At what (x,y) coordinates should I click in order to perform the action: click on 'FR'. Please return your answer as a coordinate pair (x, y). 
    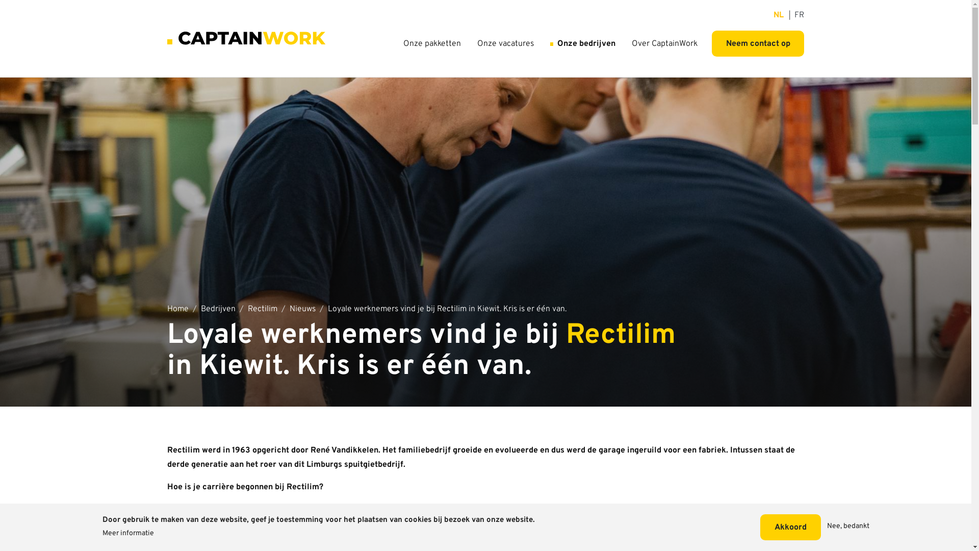
    Looking at the image, I should click on (798, 15).